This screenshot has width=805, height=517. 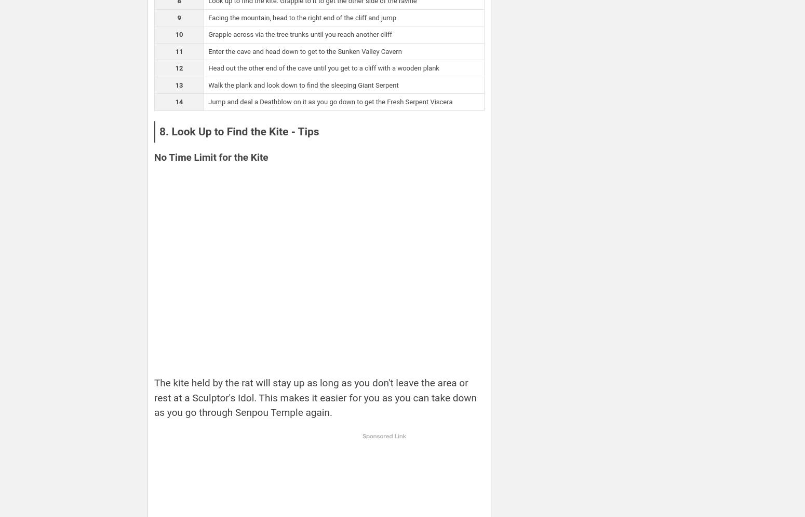 I want to click on 'Grapple across via the tree trunks until you reach another cliff', so click(x=300, y=34).